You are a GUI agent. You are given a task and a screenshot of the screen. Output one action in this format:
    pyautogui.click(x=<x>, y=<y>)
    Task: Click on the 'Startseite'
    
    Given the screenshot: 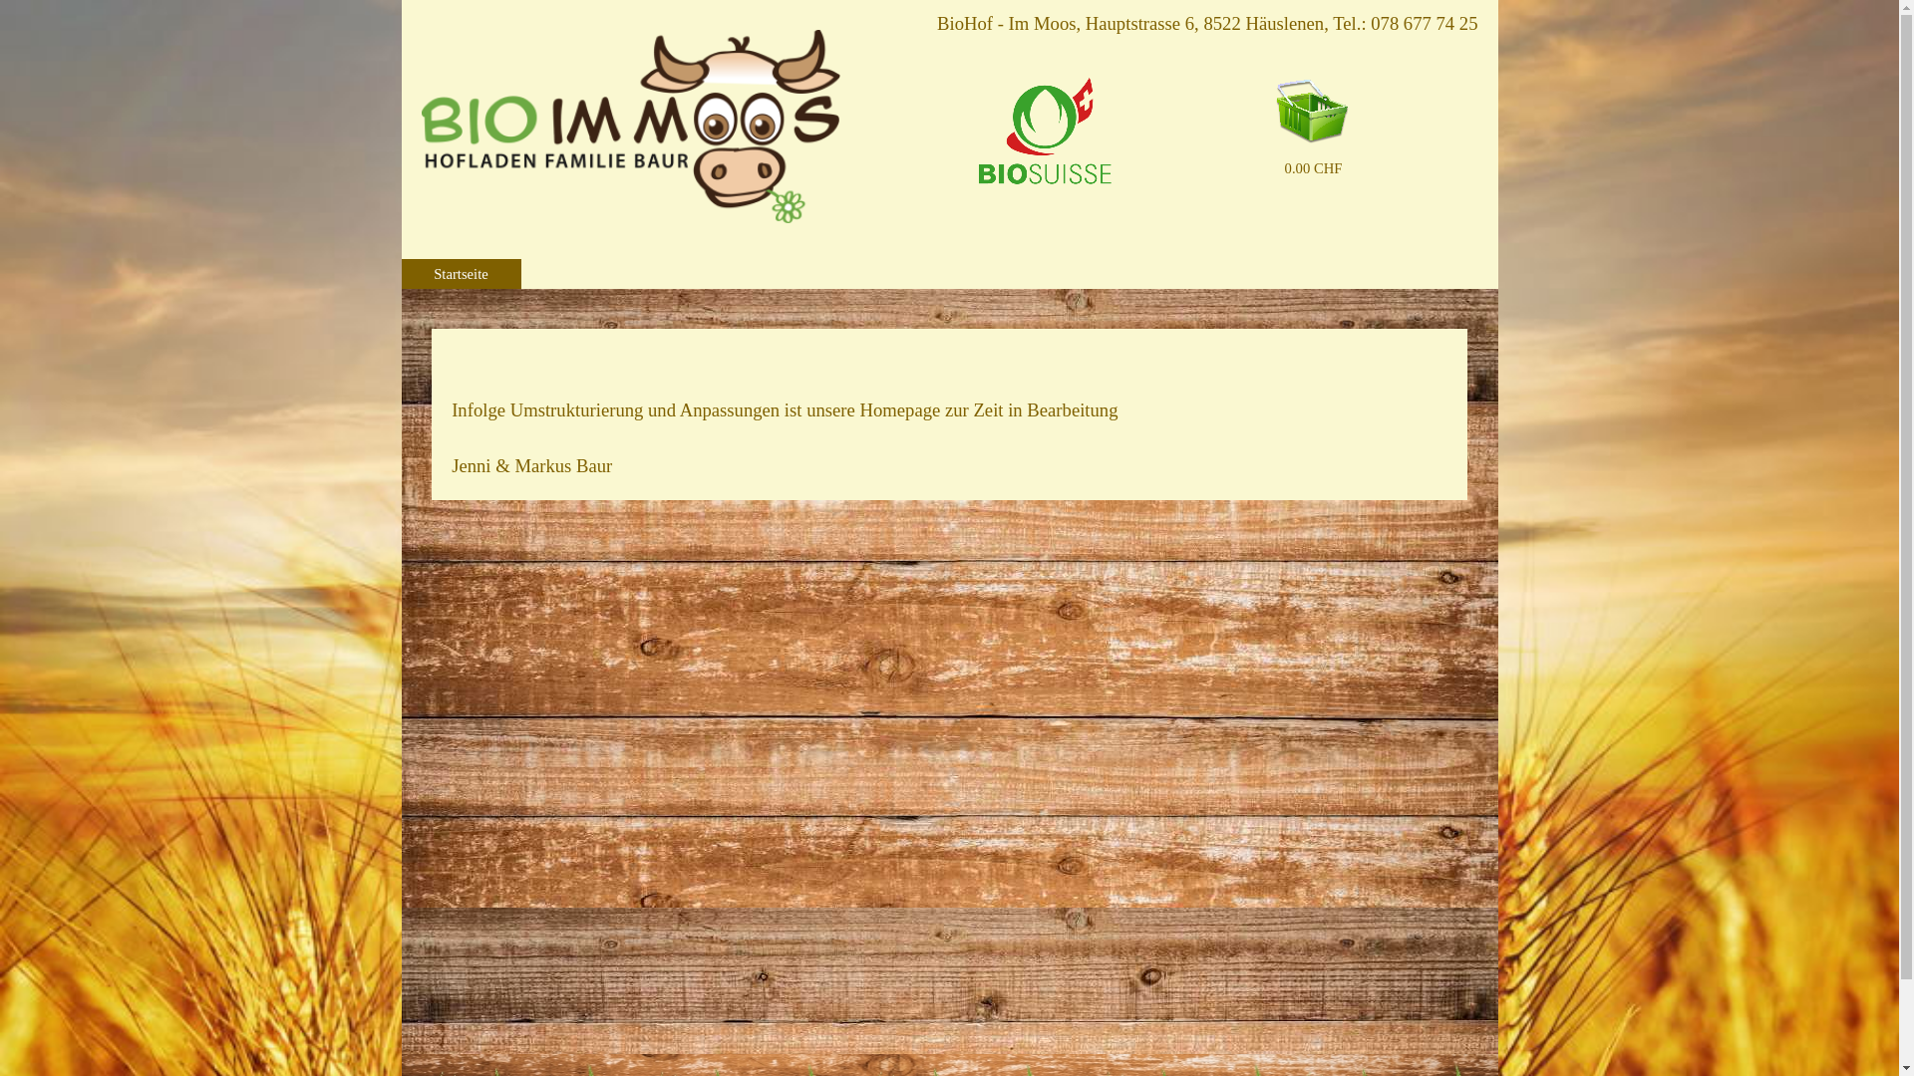 What is the action you would take?
    pyautogui.click(x=460, y=273)
    